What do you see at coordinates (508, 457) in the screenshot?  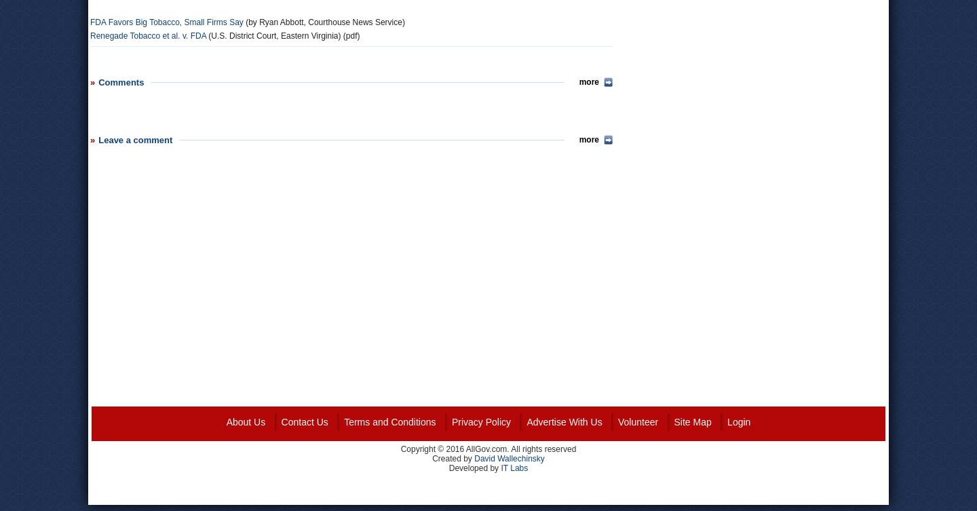 I see `'David Wallechinsky'` at bounding box center [508, 457].